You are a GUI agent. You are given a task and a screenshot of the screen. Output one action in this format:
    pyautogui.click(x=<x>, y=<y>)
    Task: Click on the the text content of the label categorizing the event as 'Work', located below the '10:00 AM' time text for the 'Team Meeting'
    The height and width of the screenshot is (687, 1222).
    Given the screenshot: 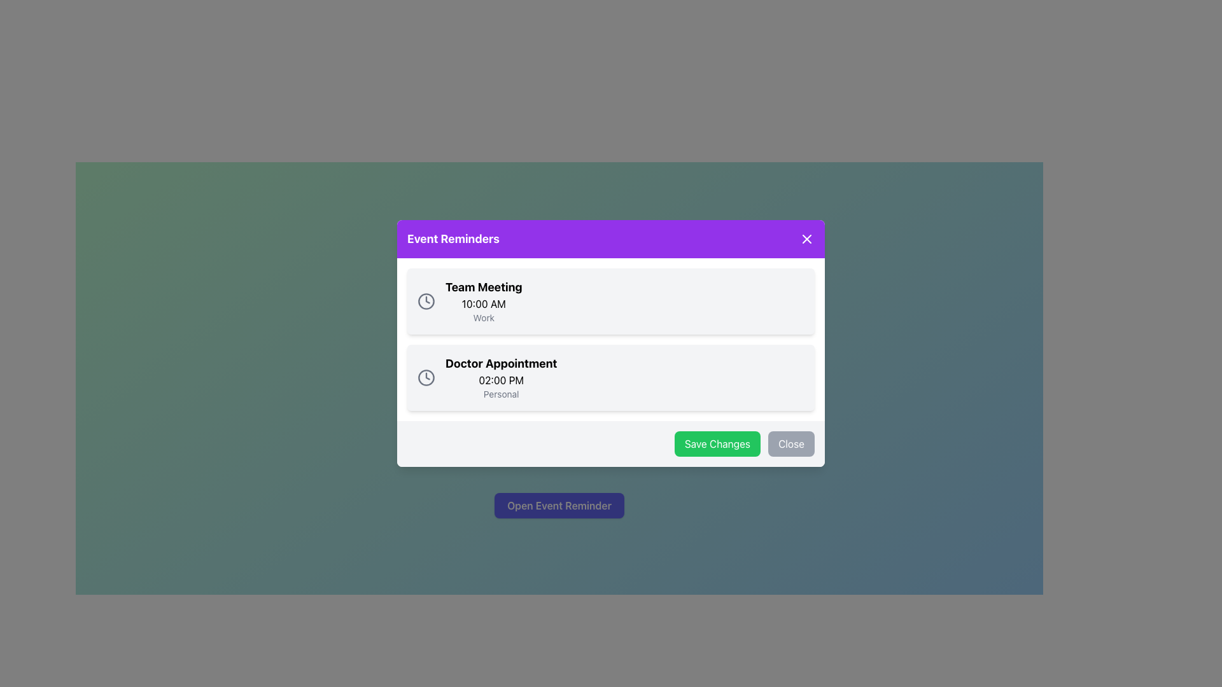 What is the action you would take?
    pyautogui.click(x=483, y=317)
    